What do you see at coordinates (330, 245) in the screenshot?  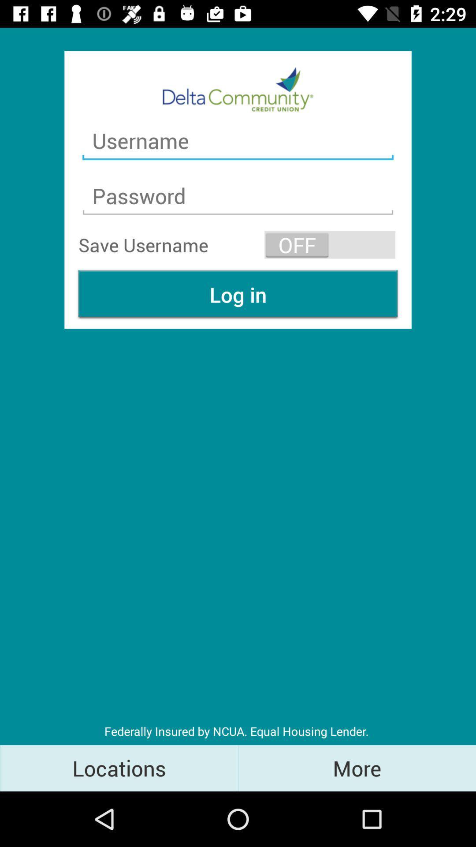 I see `the item to the right of save username item` at bounding box center [330, 245].